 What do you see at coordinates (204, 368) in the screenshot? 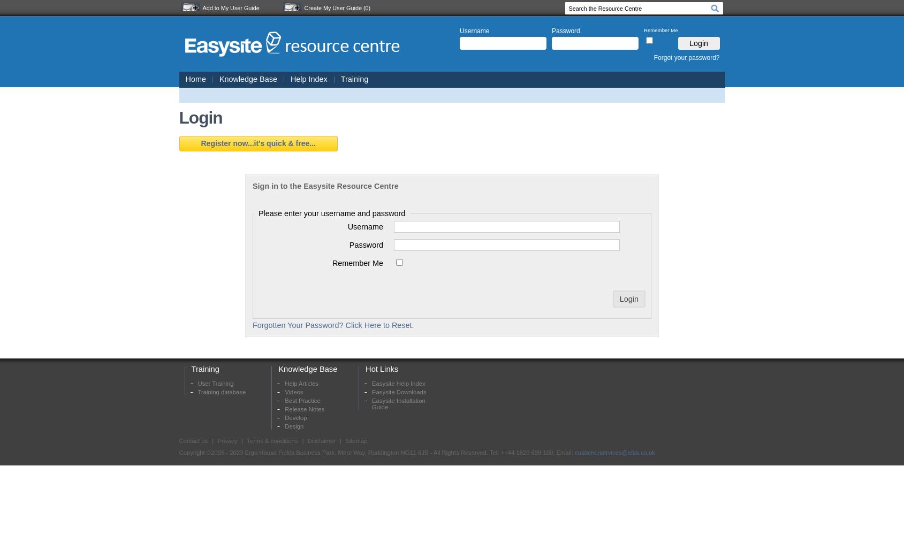
I see `'Training'` at bounding box center [204, 368].